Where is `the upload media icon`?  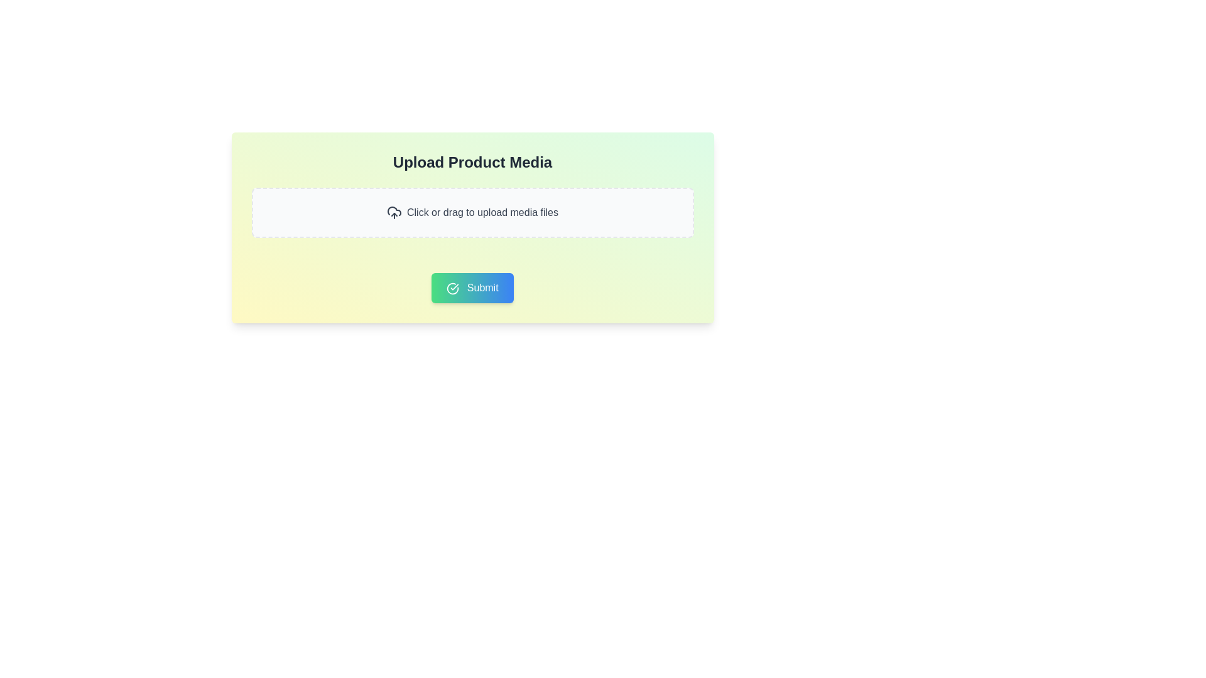 the upload media icon is located at coordinates (394, 212).